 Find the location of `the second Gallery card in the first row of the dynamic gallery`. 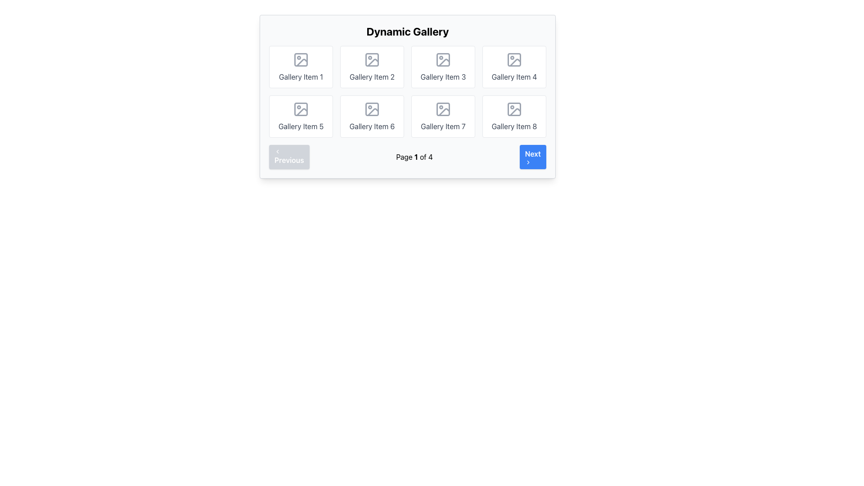

the second Gallery card in the first row of the dynamic gallery is located at coordinates (372, 67).